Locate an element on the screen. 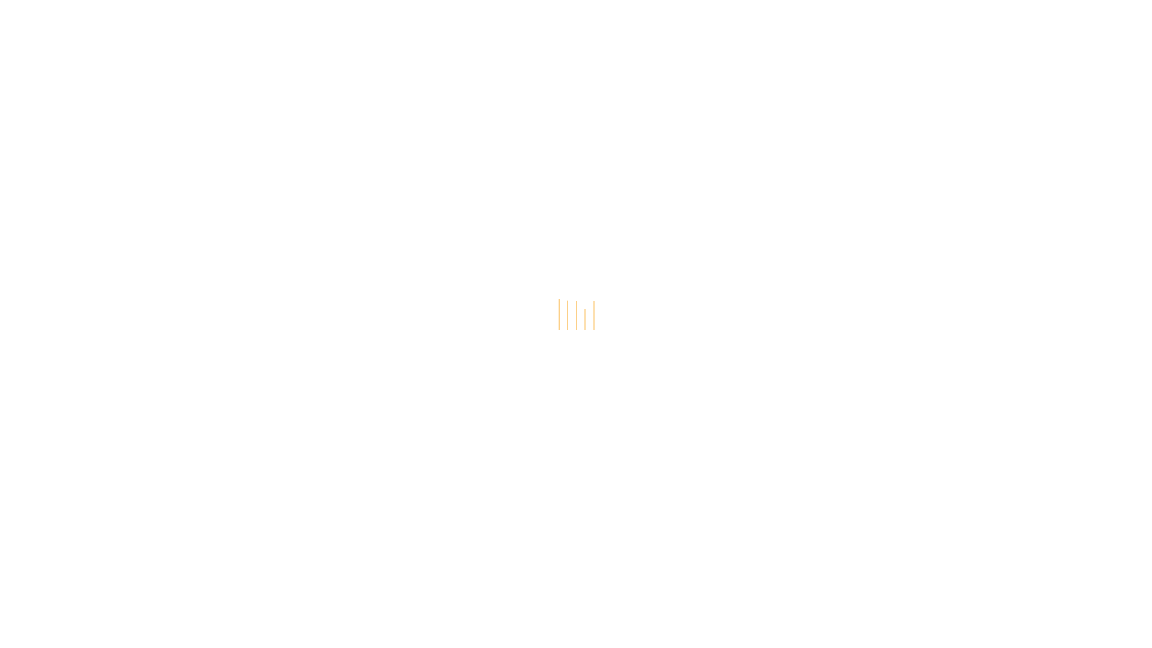  'SERVICES' is located at coordinates (242, 58).